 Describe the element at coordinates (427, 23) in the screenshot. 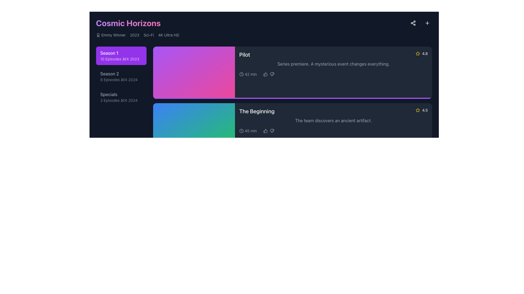

I see `the add button located at the top-right corner of the interface` at that location.